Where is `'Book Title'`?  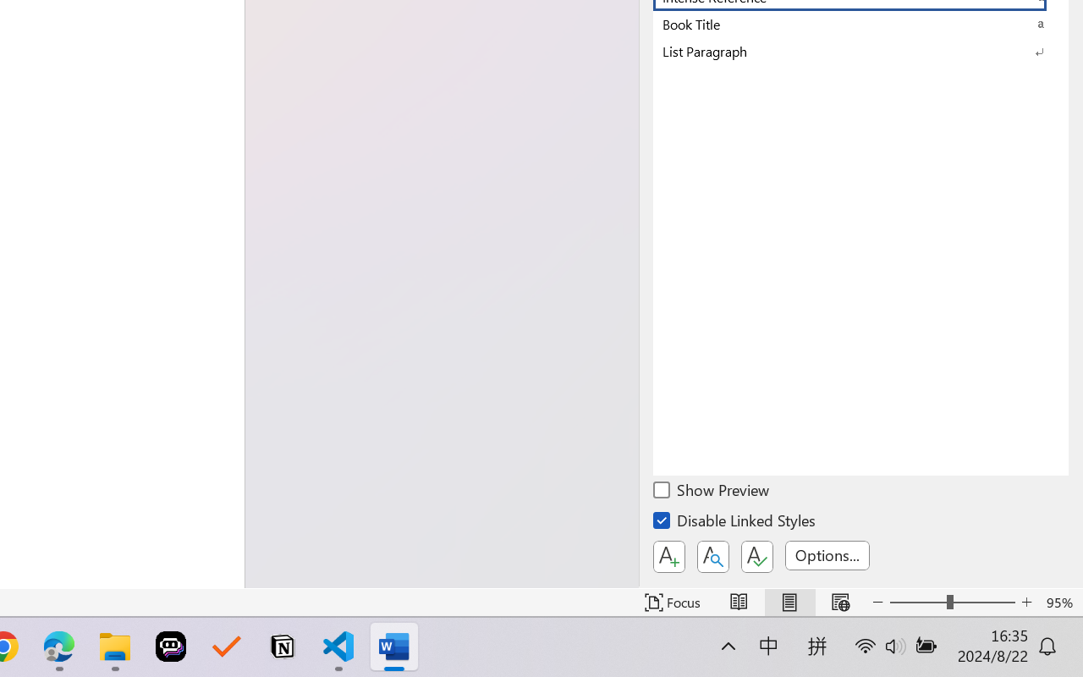
'Book Title' is located at coordinates (860, 24).